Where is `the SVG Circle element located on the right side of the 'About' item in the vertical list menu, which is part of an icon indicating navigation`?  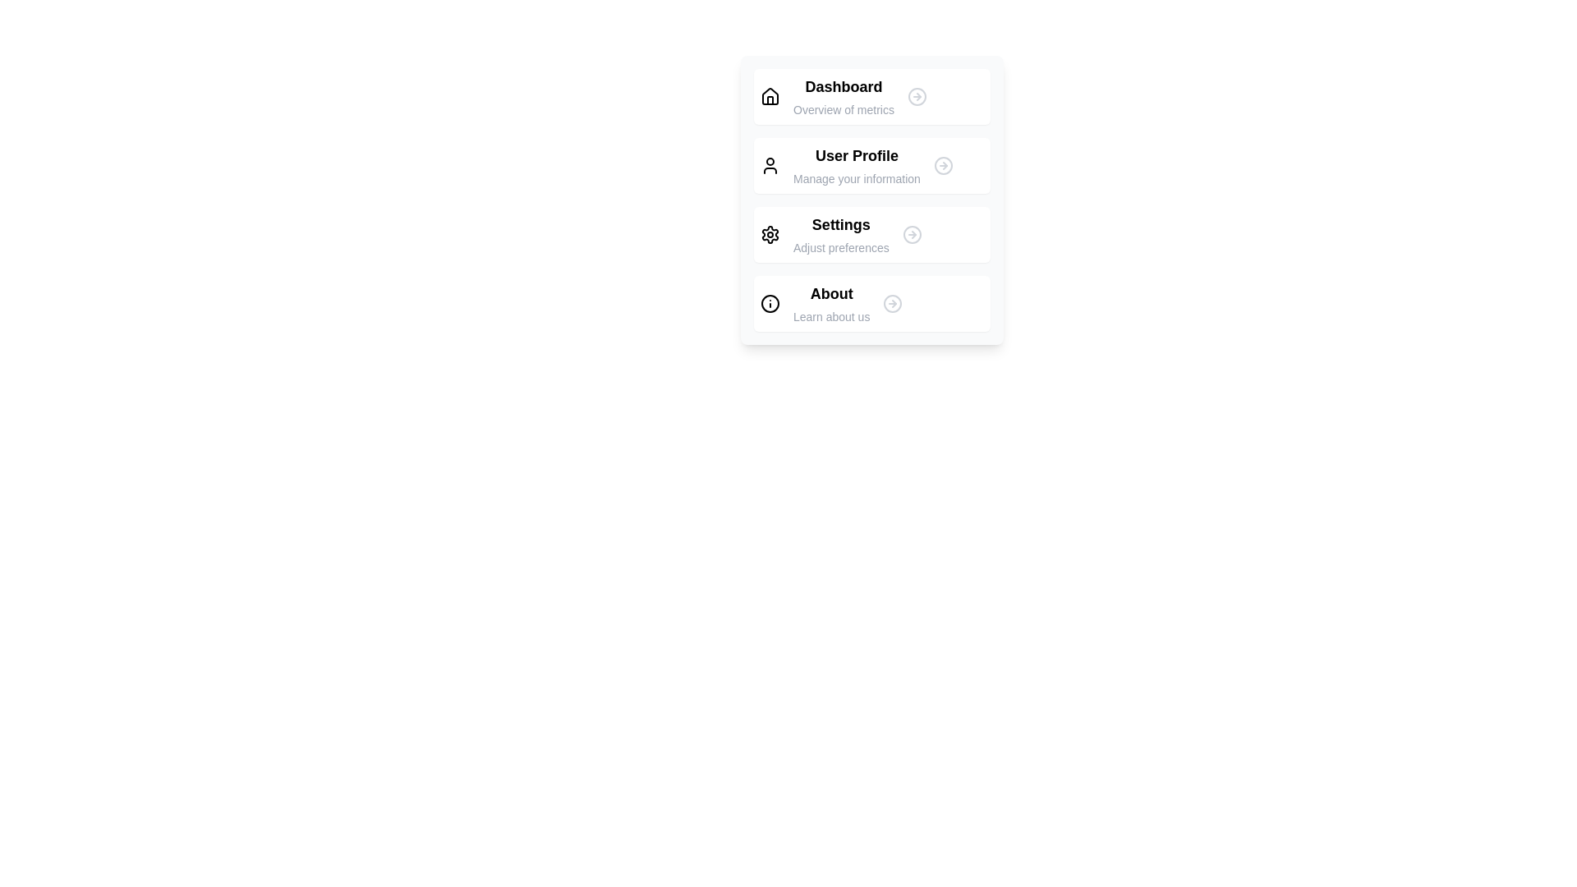 the SVG Circle element located on the right side of the 'About' item in the vertical list menu, which is part of an icon indicating navigation is located at coordinates (892, 304).